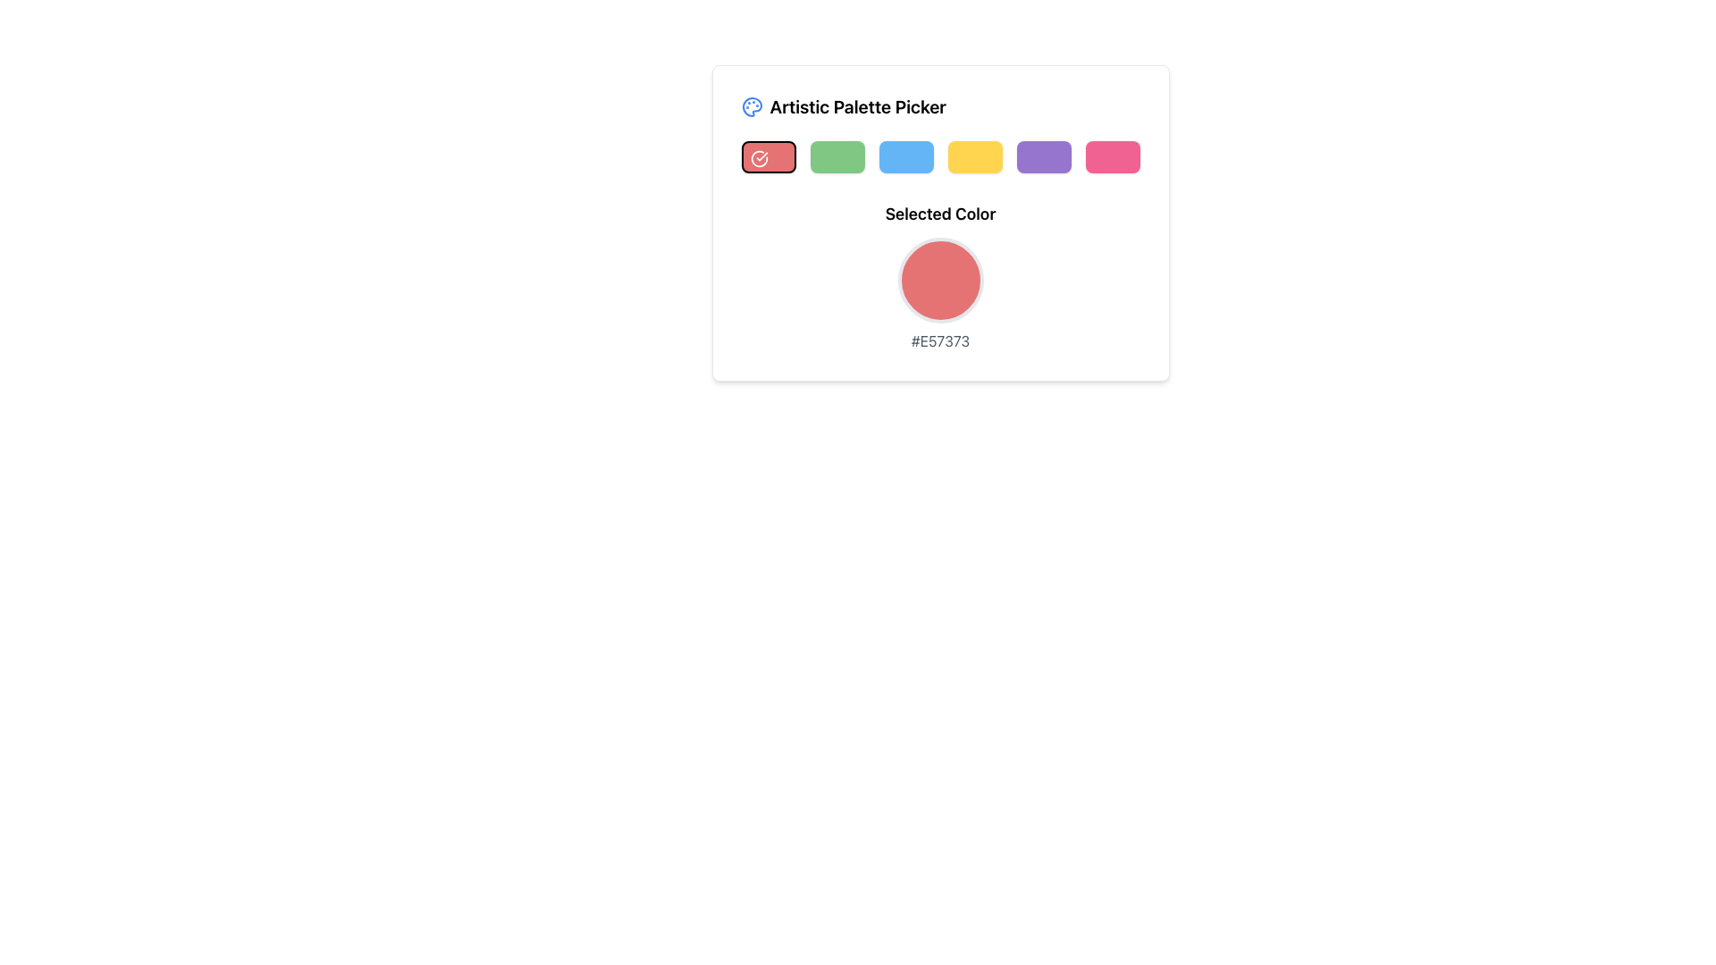 The image size is (1716, 965). I want to click on the highlighted color option in the 'Artistic Palette Picker' section, so click(939, 156).